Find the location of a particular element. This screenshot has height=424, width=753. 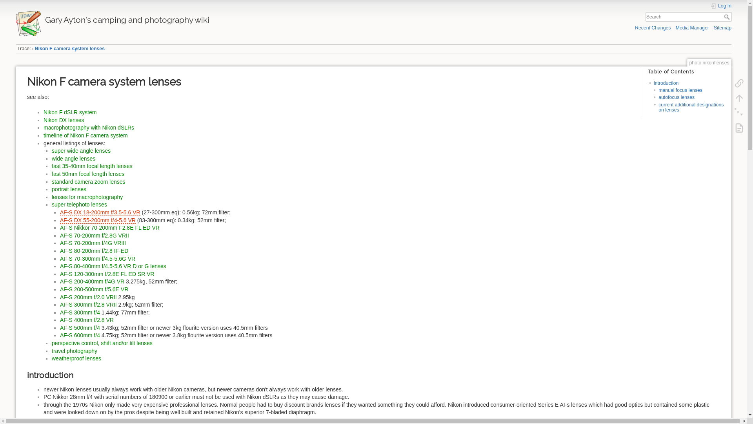

'AF-S Nikkor 70-200mm F2.8E FL ED VR' is located at coordinates (109, 227).